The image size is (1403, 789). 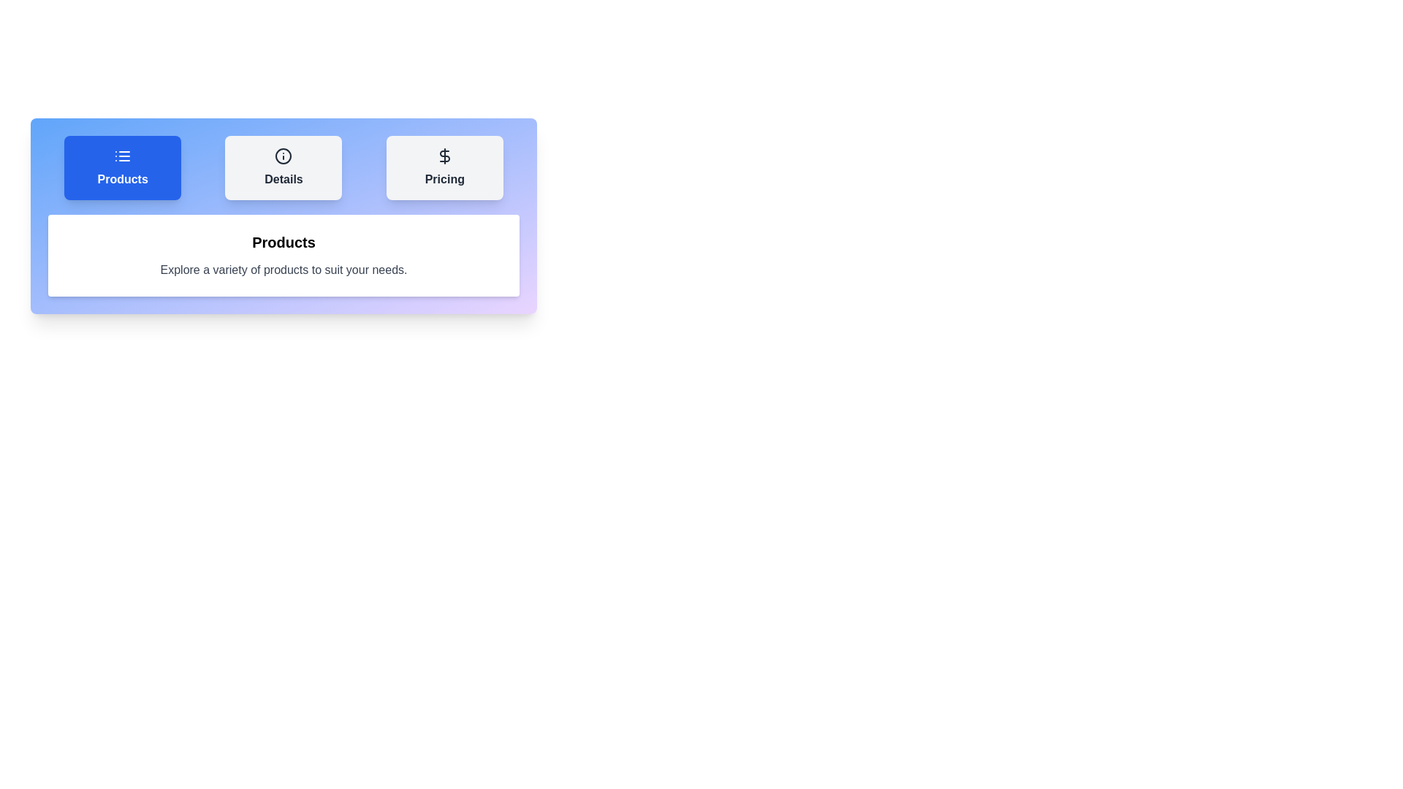 I want to click on the tab labeled Products, so click(x=123, y=167).